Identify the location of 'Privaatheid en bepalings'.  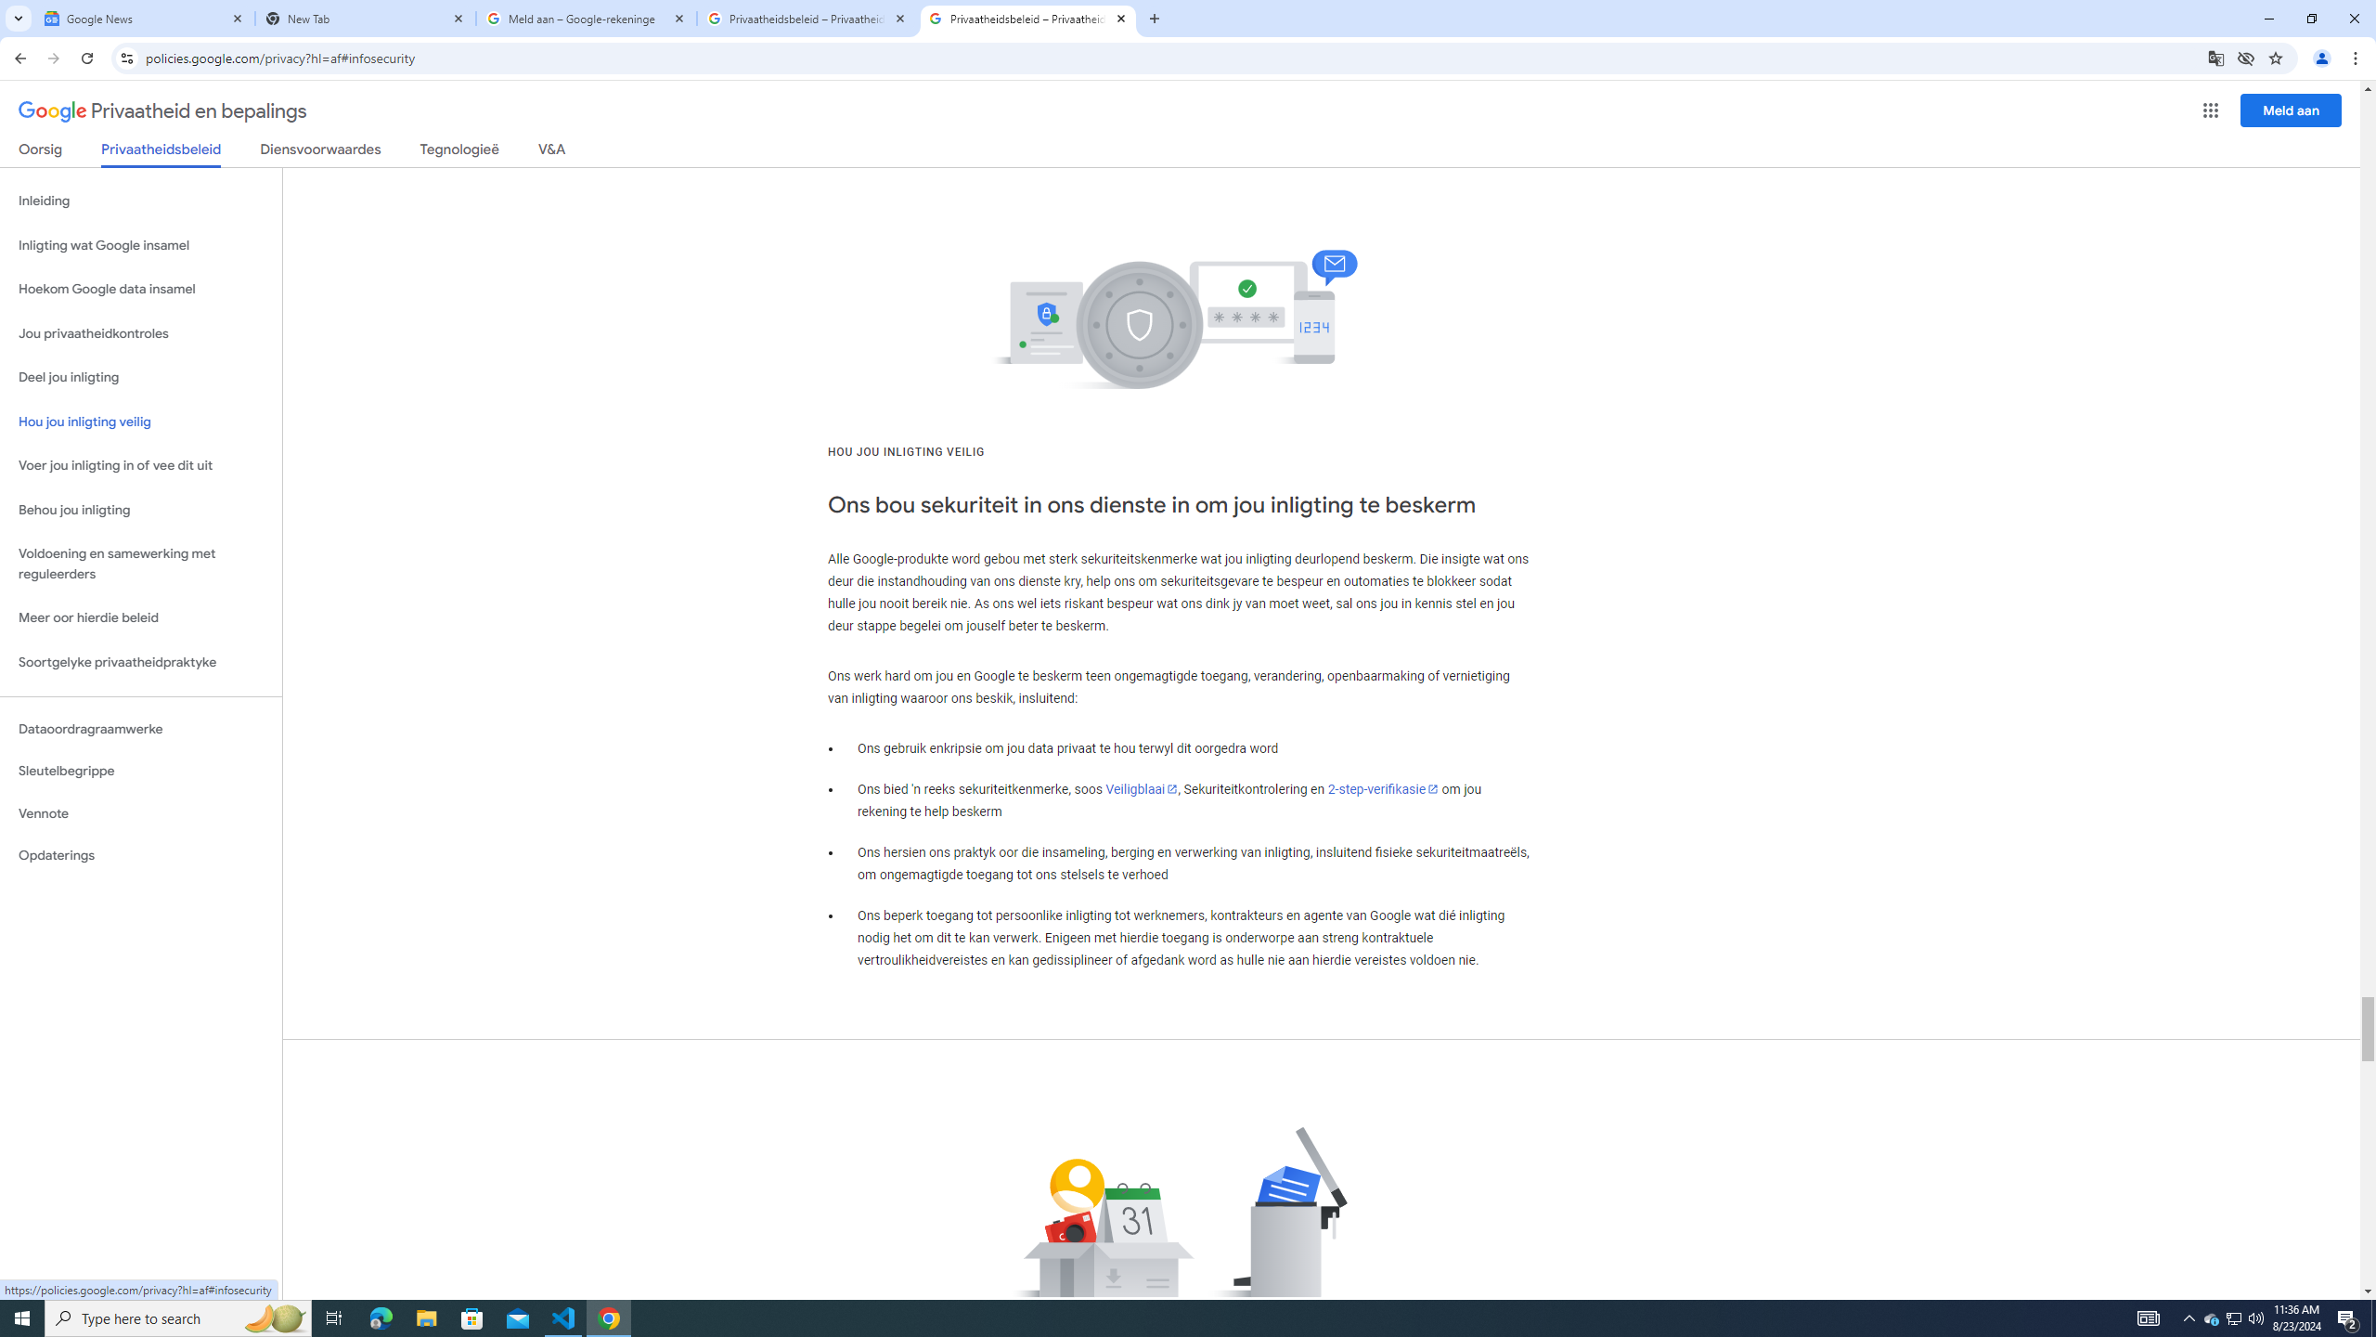
(162, 110).